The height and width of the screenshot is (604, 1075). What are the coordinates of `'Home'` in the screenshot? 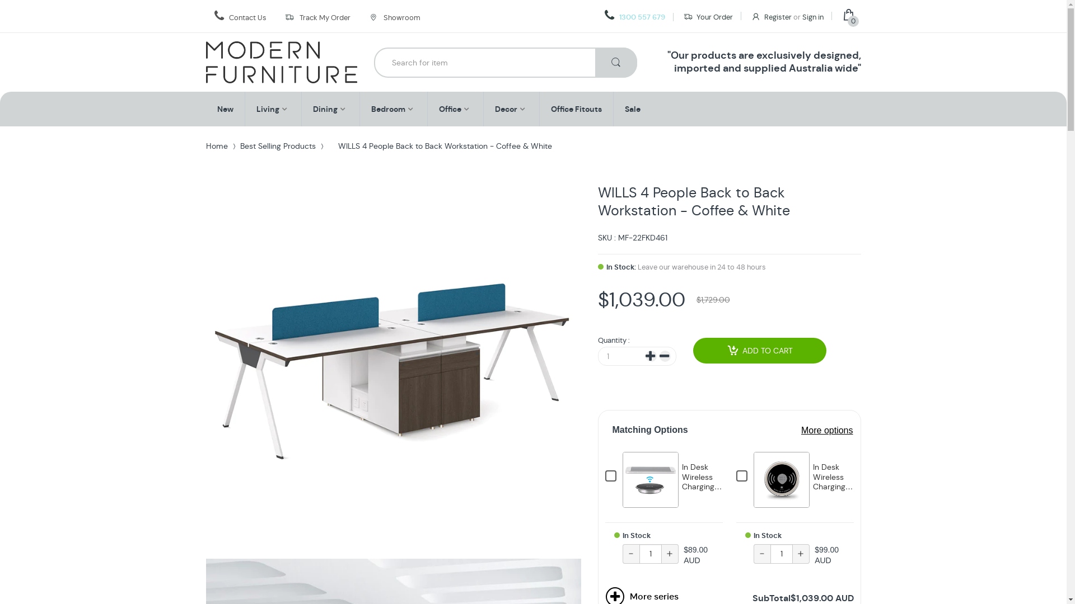 It's located at (217, 145).